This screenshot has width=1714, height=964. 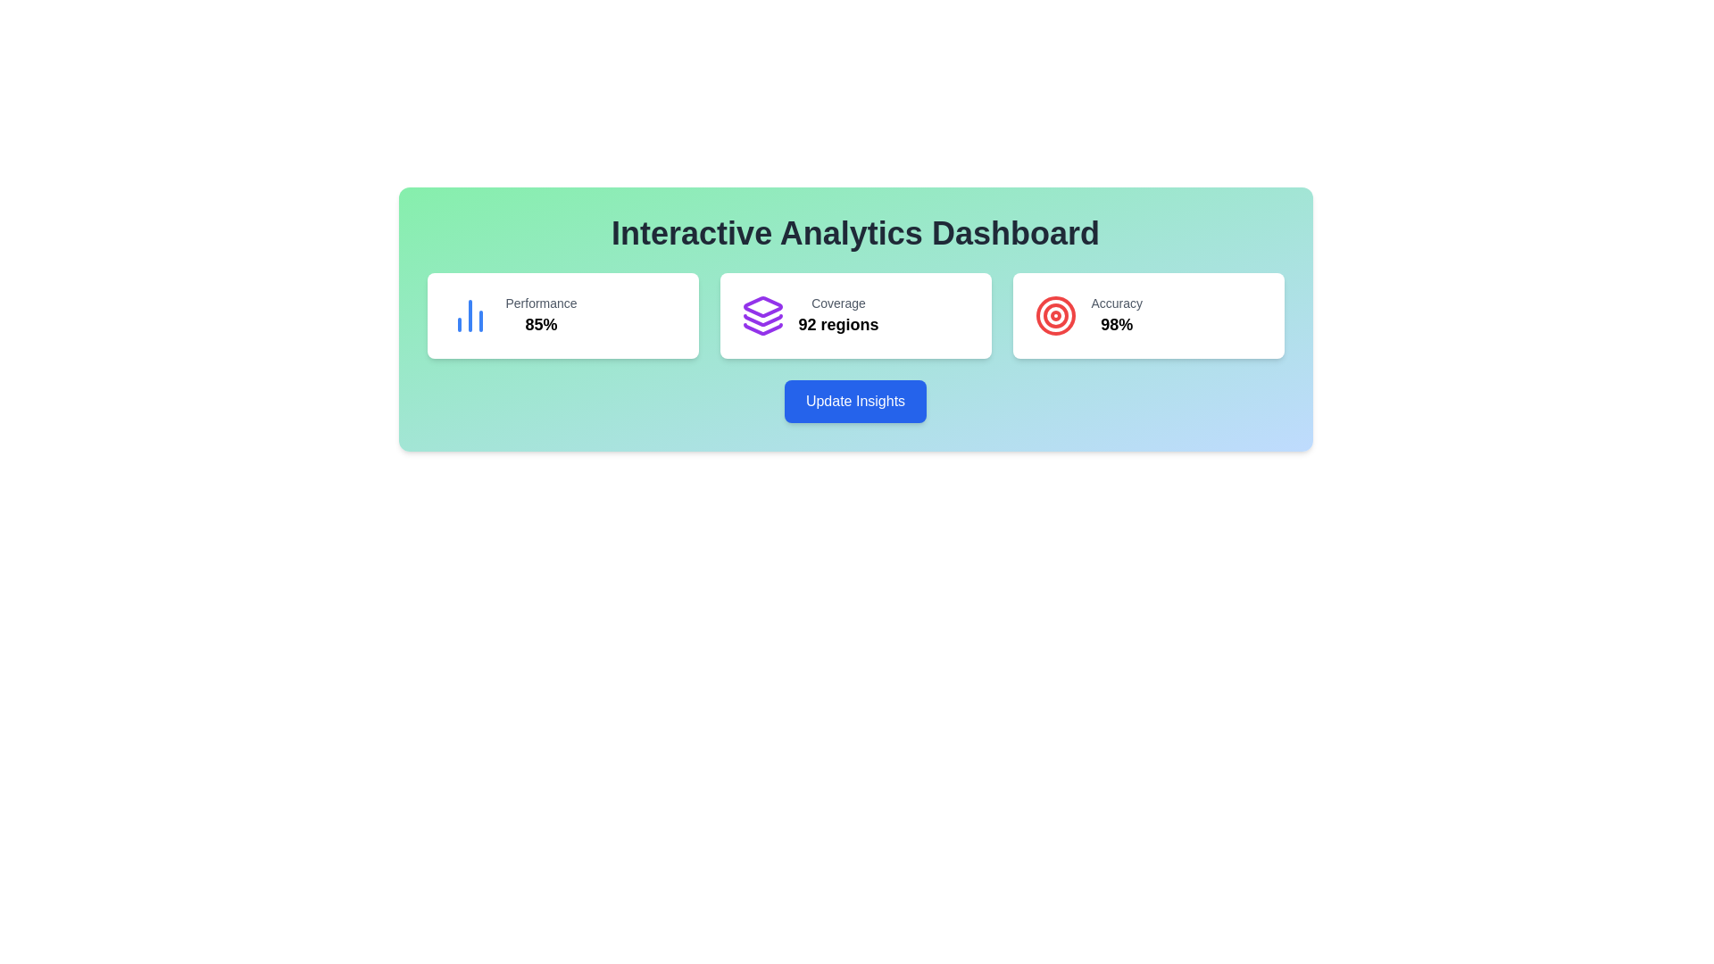 I want to click on the 'Accuracy' metric icon located in the rightmost card of the dashboard interface, slightly to the left of the text 'Accuracy 98%' and vertically centered, so click(x=1055, y=315).